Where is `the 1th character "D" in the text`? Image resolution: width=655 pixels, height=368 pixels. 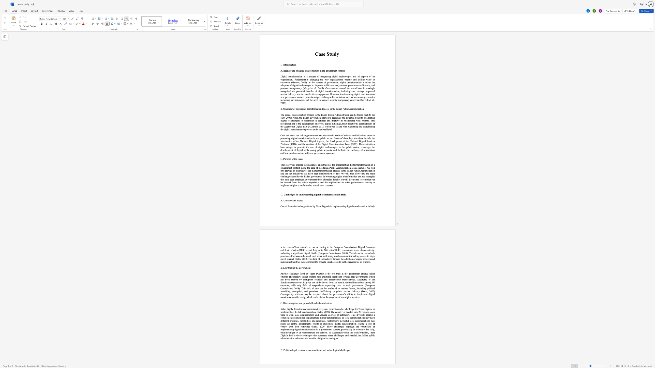
the 1th character "D" in the text is located at coordinates (284, 303).